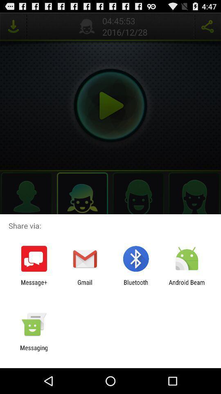  I want to click on item next to the message+, so click(84, 286).